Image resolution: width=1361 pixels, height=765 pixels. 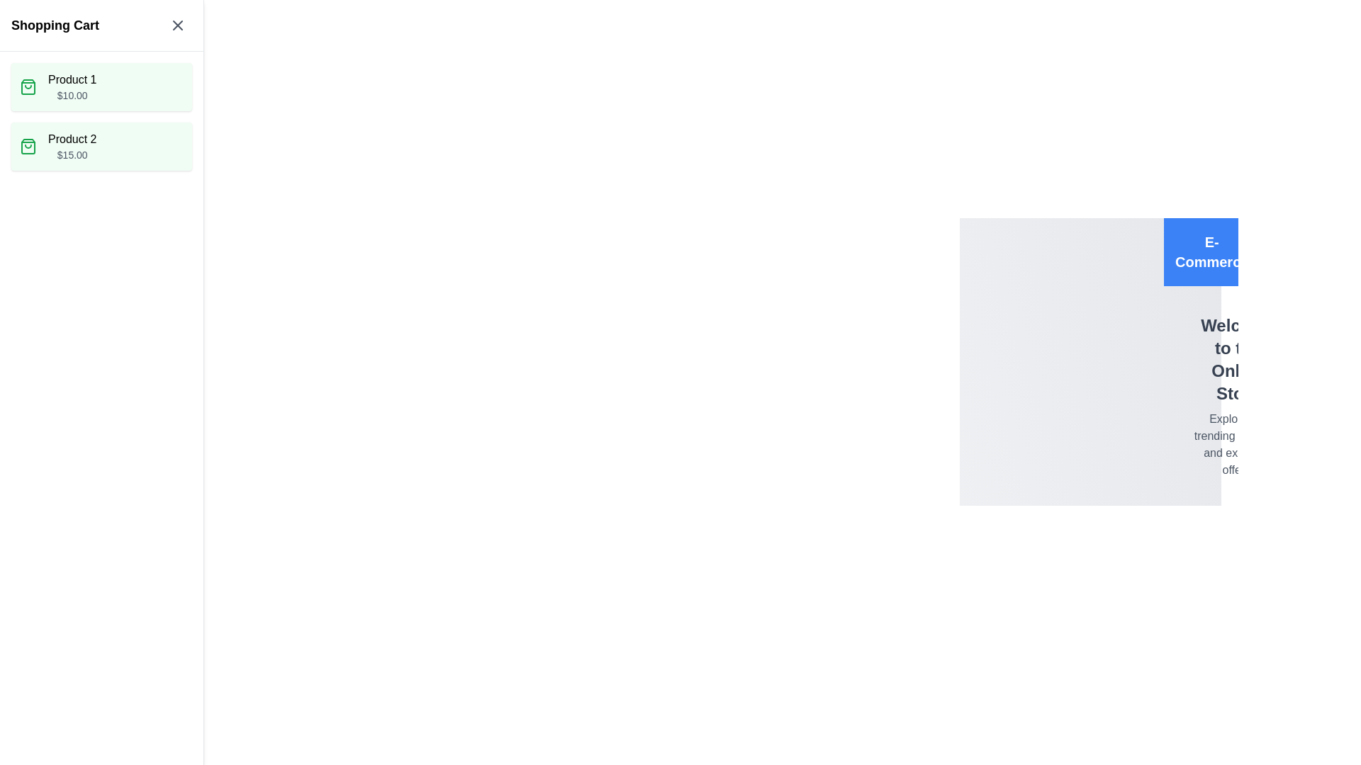 I want to click on the static text label 'E-Commerce' located in the upper-right portion of the interface within the blue header section, which is adjacent to 'Manage Cart', so click(x=1211, y=251).